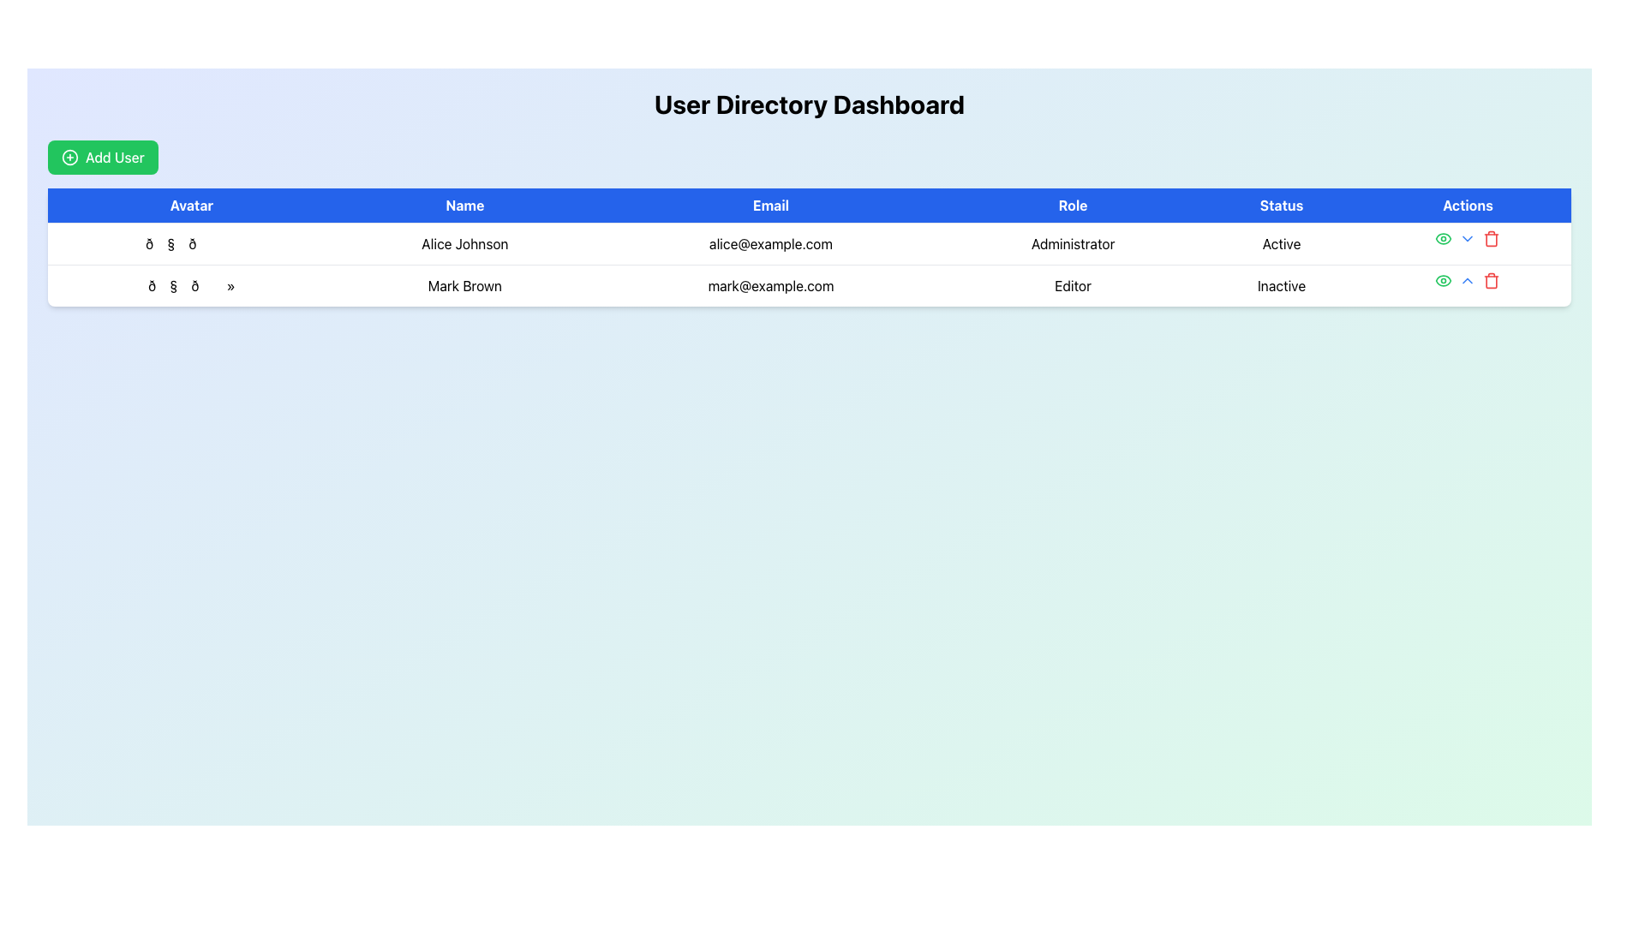 The width and height of the screenshot is (1645, 925). I want to click on text of the centered, bold headline displaying 'User Directory Dashboard', which is located at the top-center of the interface, so click(809, 104).